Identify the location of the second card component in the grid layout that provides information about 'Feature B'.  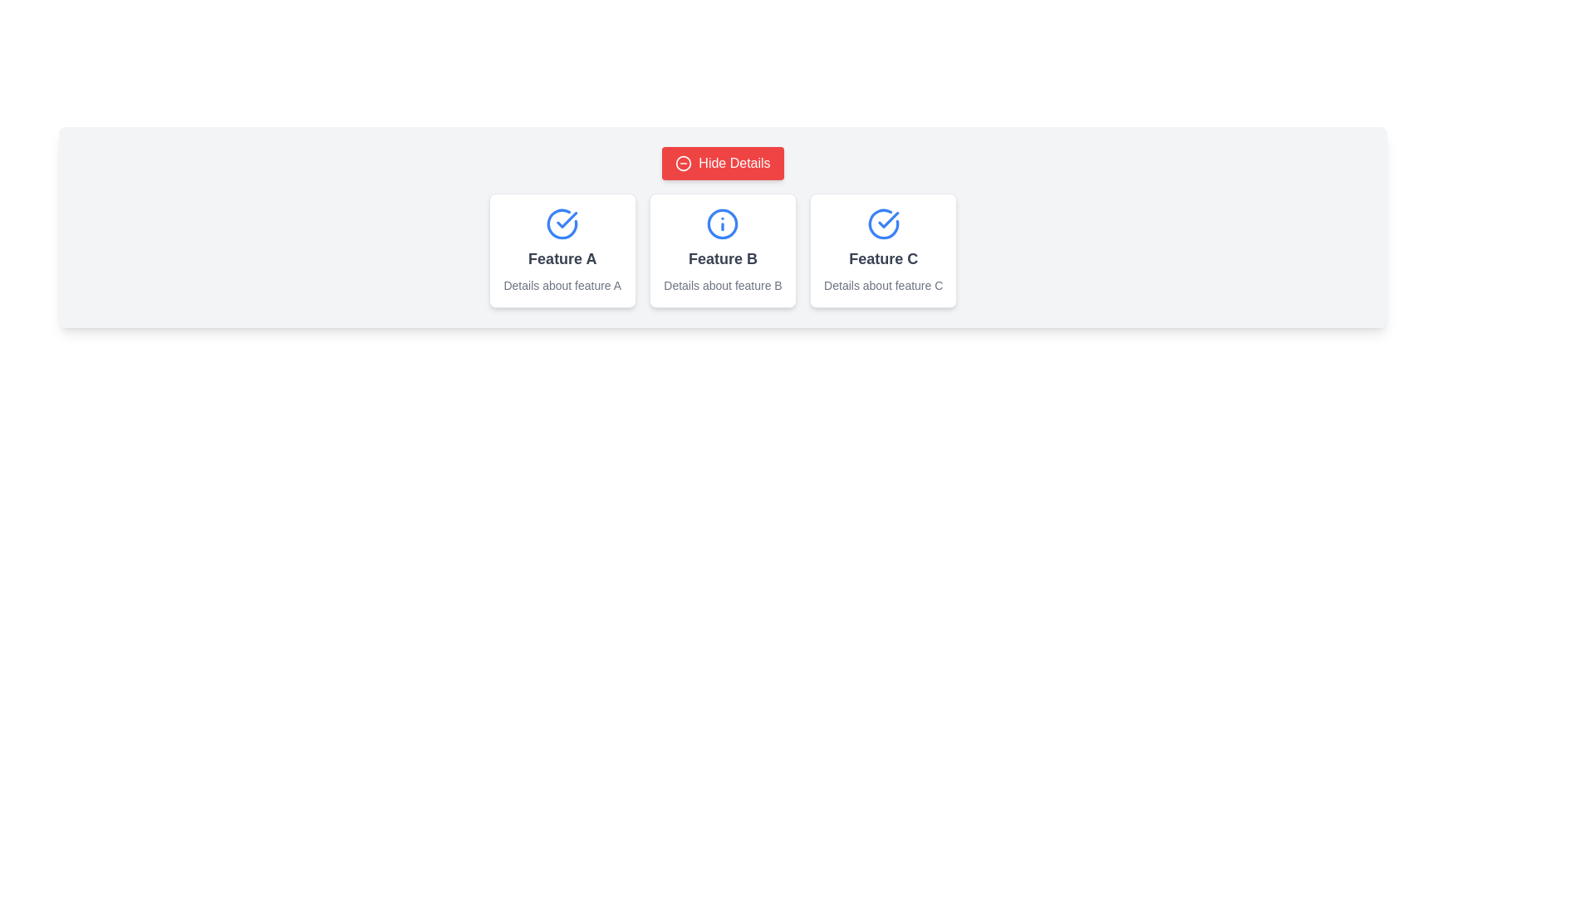
(723, 250).